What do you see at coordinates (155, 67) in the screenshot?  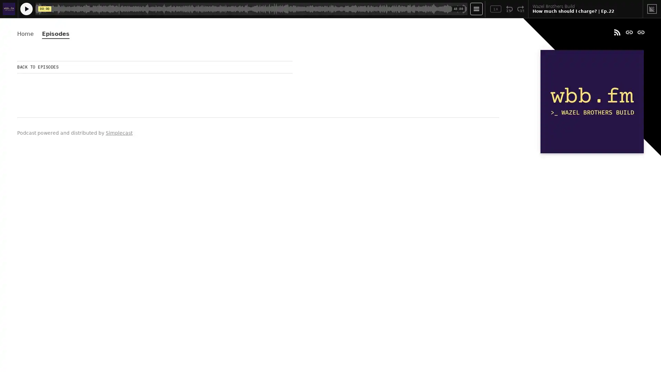 I see `BACK TO EPISODES` at bounding box center [155, 67].